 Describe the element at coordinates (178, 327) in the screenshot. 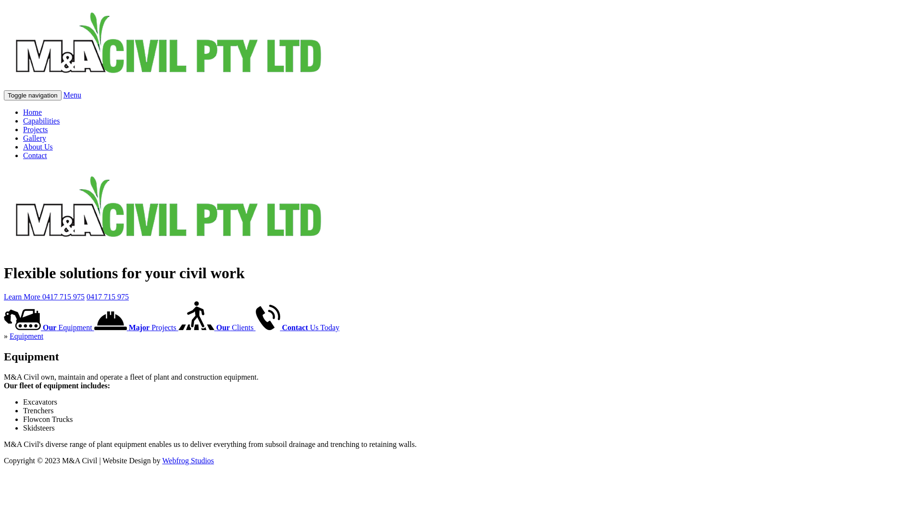

I see `'Our Clients'` at that location.